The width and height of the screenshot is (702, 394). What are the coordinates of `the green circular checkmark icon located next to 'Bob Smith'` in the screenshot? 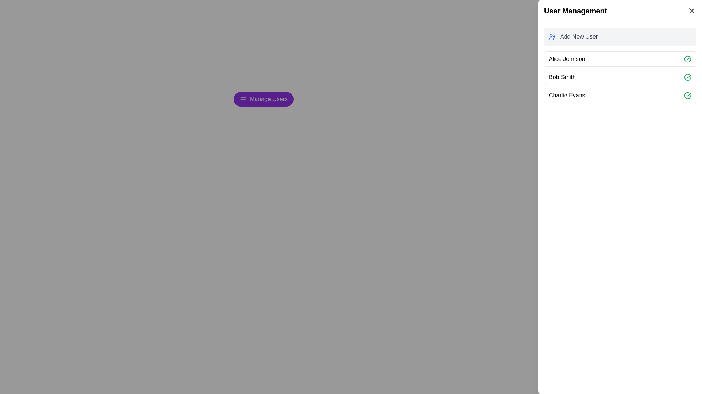 It's located at (687, 77).